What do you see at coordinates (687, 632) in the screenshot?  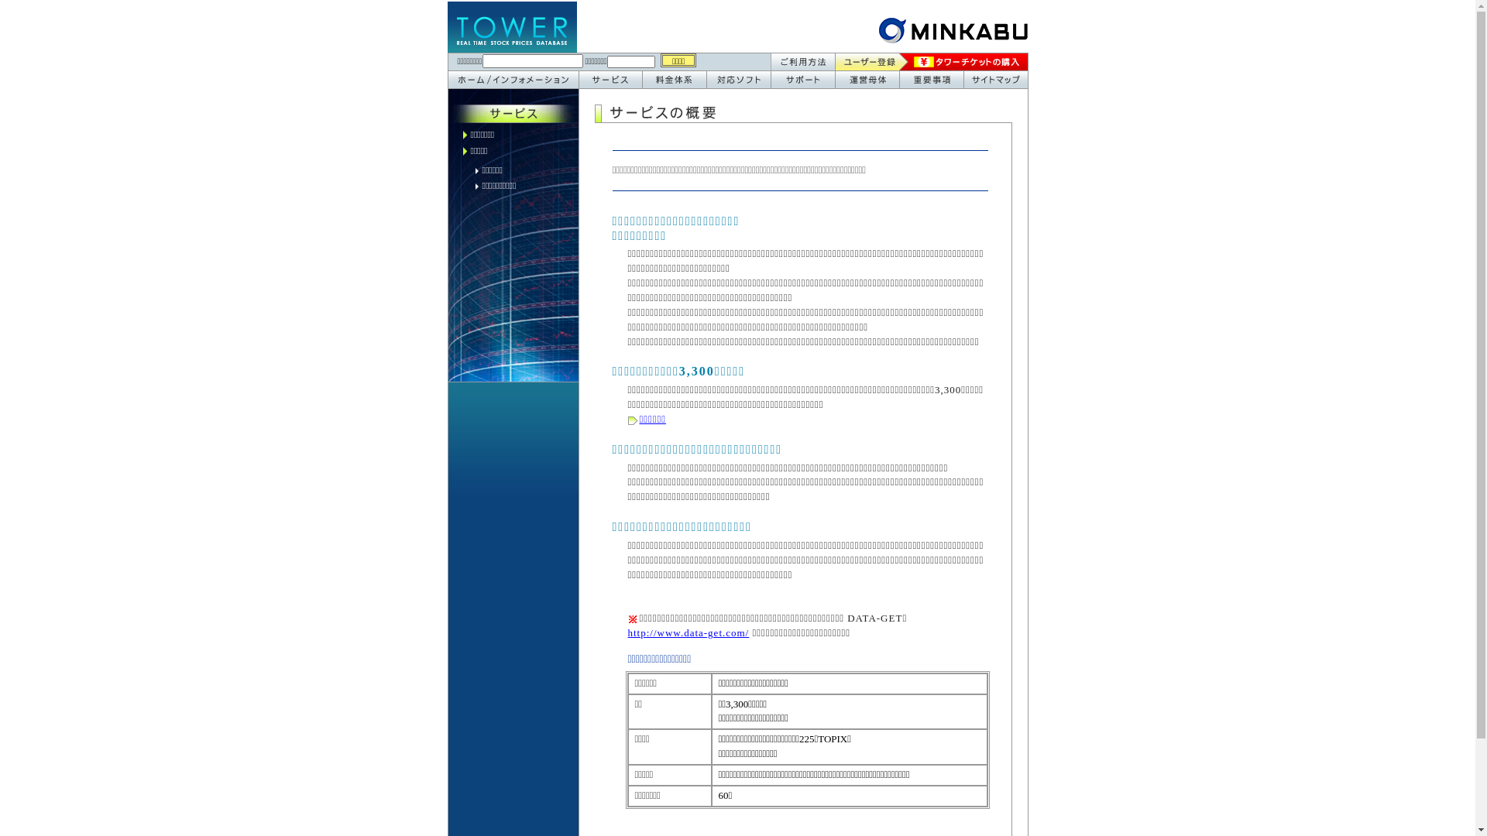 I see `'http://www.data-get.com/'` at bounding box center [687, 632].